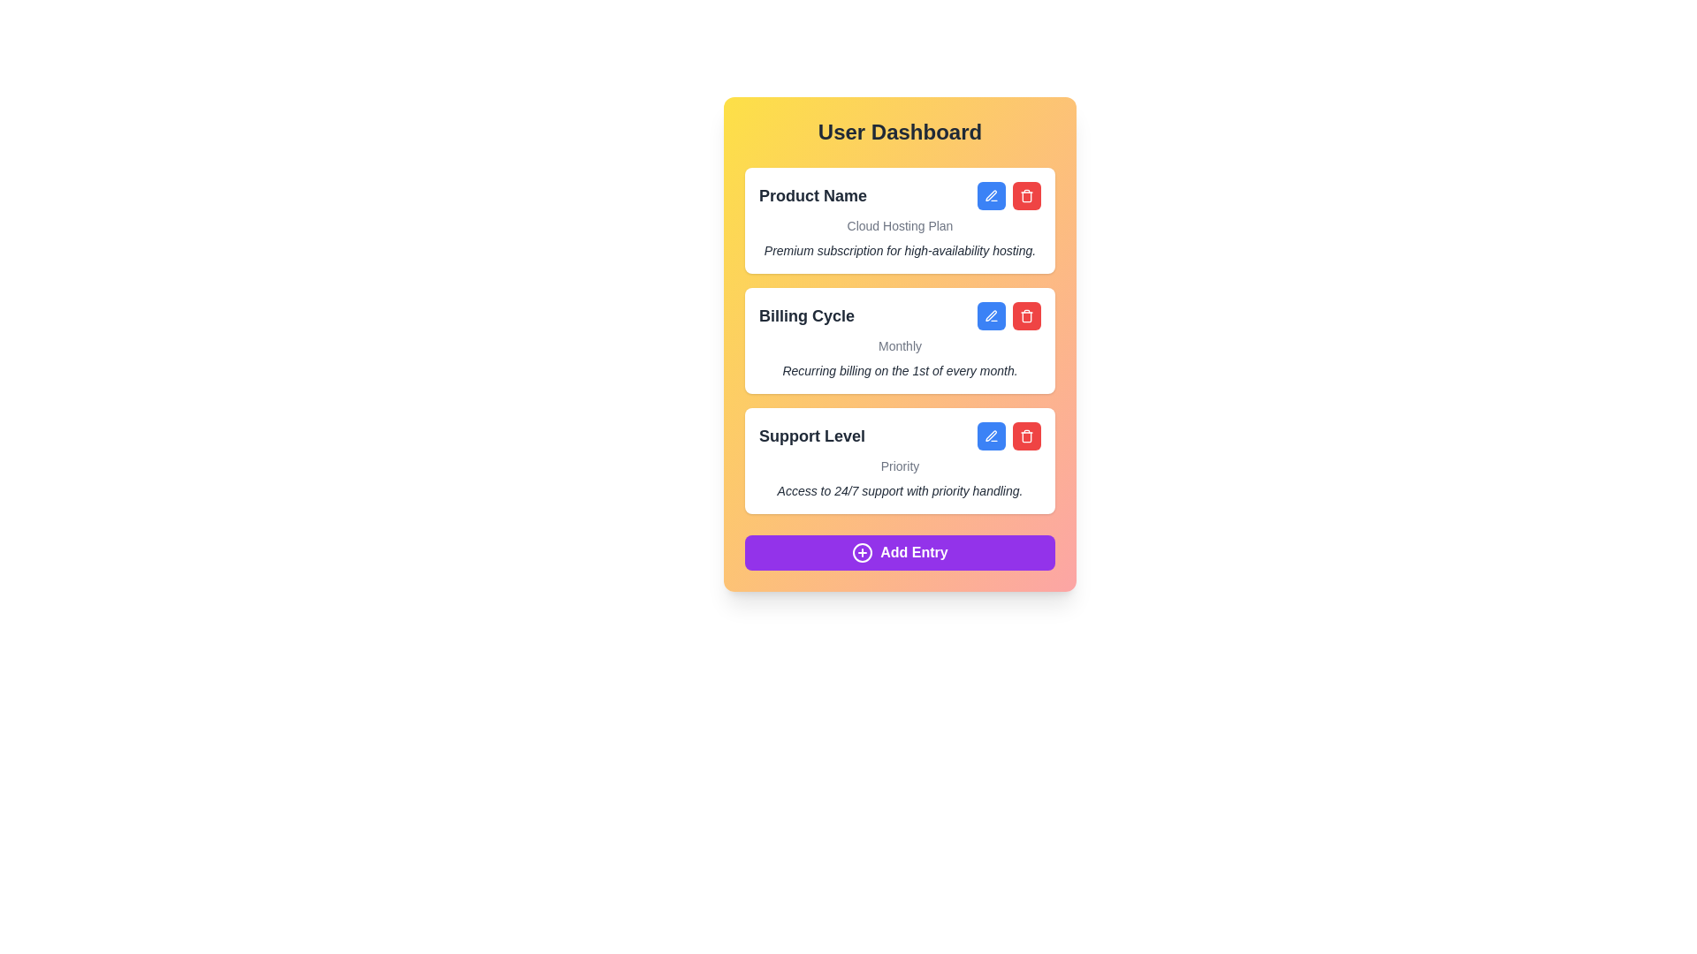 This screenshot has width=1697, height=954. Describe the element at coordinates (900, 466) in the screenshot. I see `the priority level label located in the Support Level card, which indicates the priority level for the support system` at that location.